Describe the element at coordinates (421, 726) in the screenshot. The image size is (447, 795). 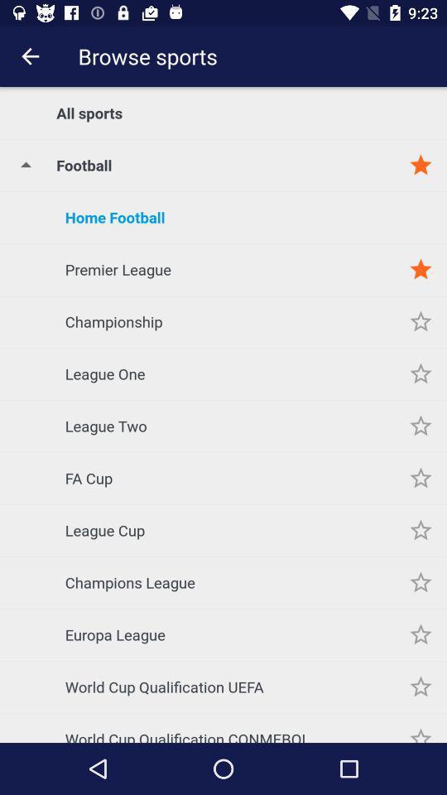
I see `the item` at that location.